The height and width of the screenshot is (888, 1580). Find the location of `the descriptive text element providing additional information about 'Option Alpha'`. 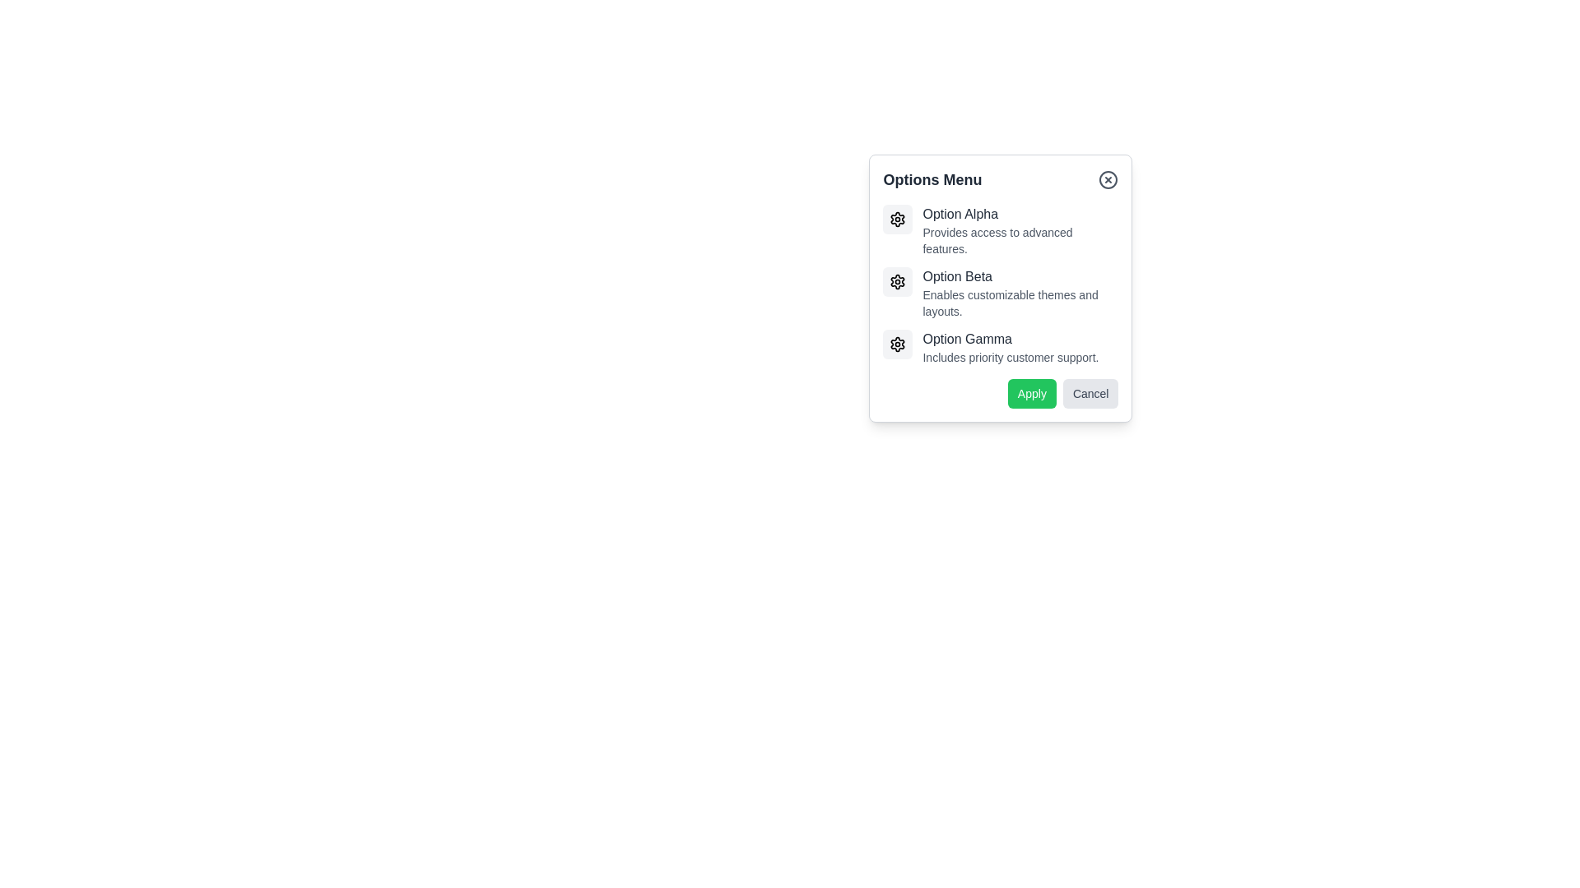

the descriptive text element providing additional information about 'Option Alpha' is located at coordinates (1020, 241).